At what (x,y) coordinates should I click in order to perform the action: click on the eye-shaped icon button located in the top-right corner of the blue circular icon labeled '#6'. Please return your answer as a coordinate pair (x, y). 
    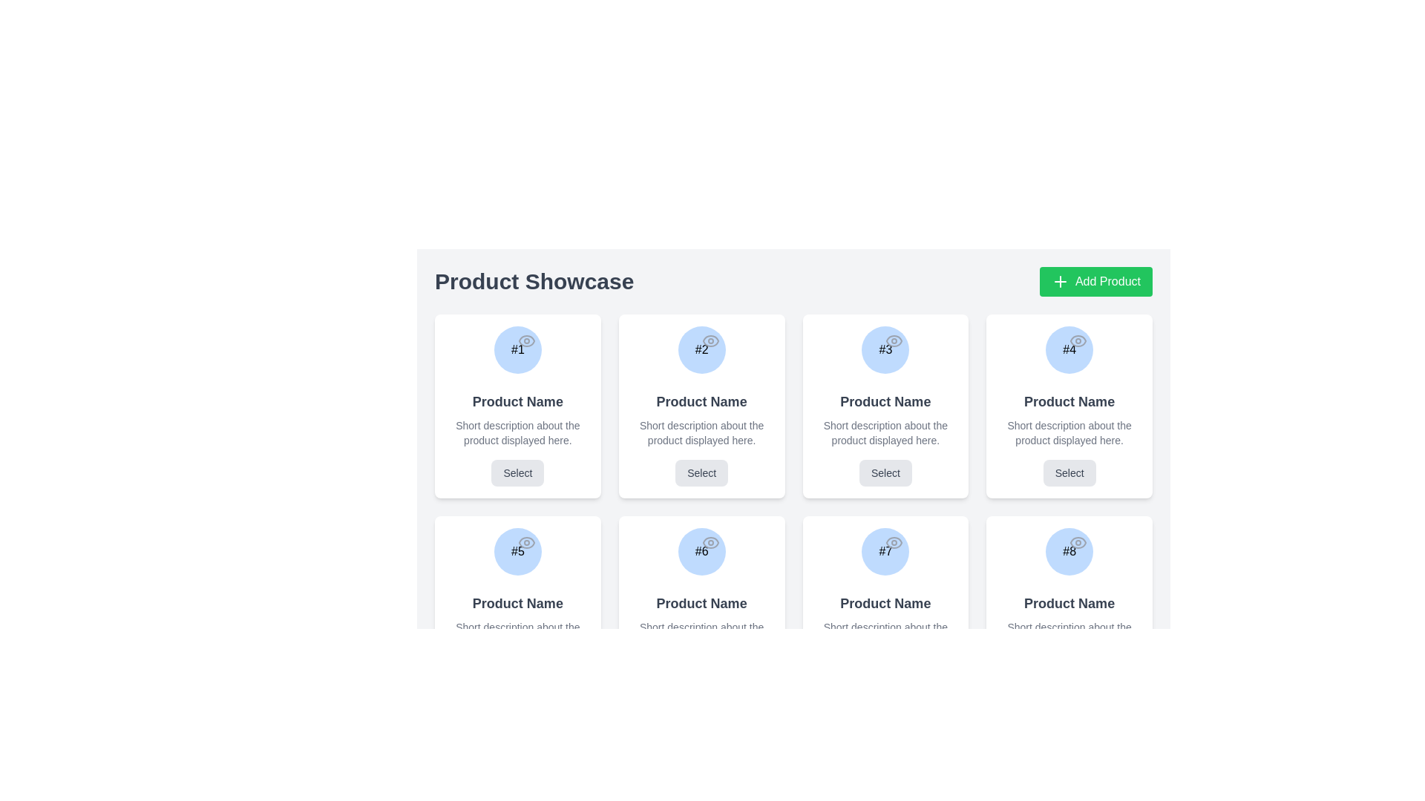
    Looking at the image, I should click on (710, 543).